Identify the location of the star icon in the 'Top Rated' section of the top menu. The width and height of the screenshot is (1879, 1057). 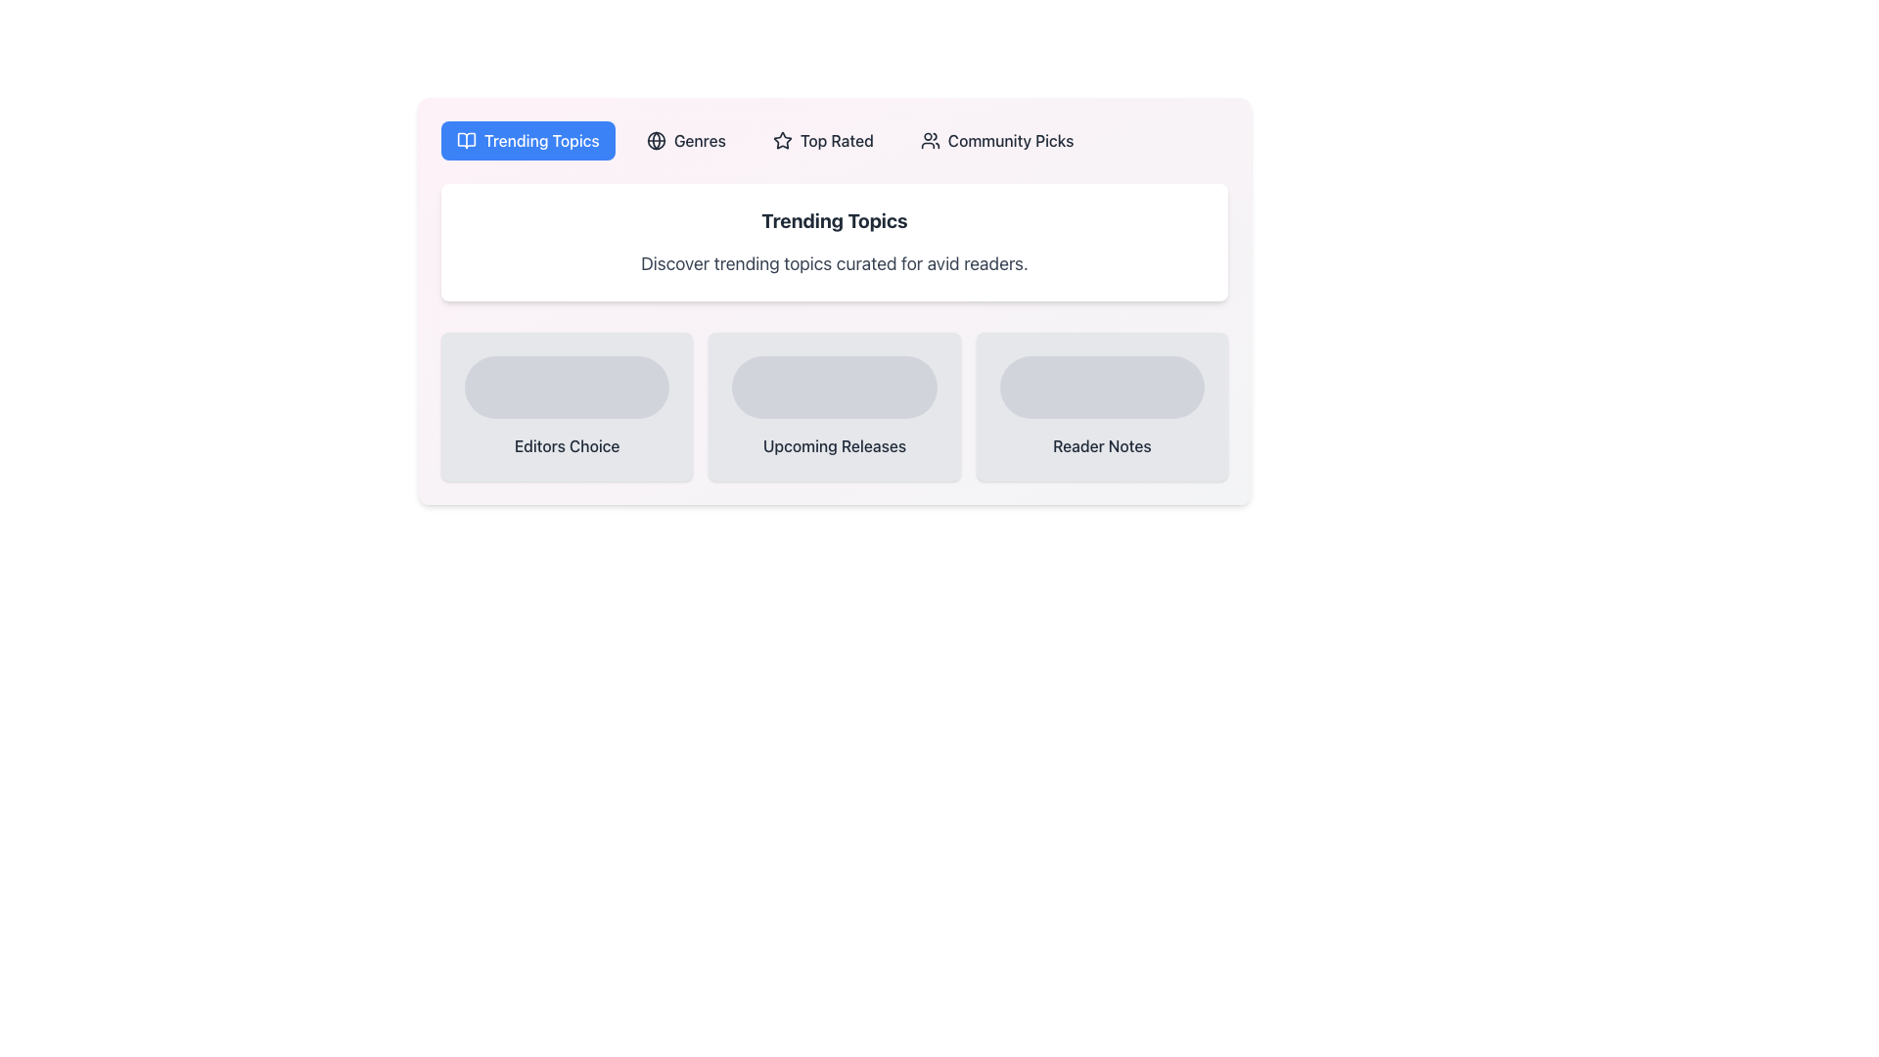
(781, 139).